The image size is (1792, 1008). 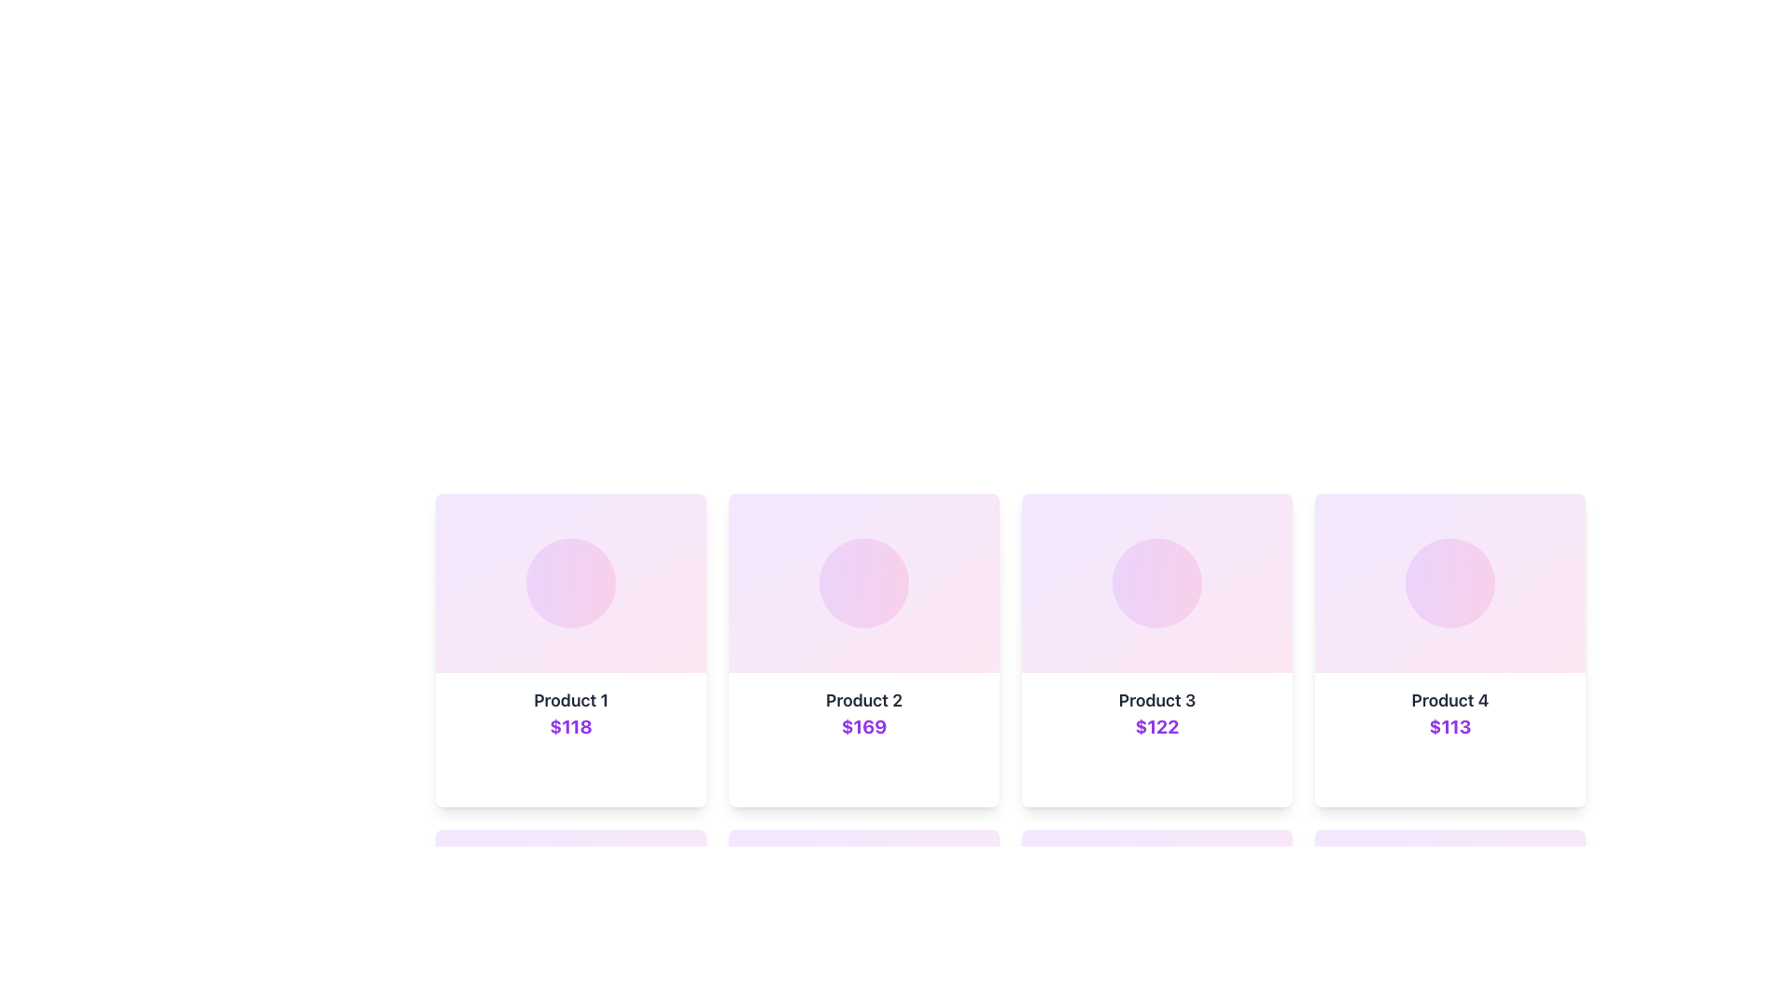 What do you see at coordinates (968, 774) in the screenshot?
I see `the small circular button with a gray background located at the bottom-right of the 'Product 2' panel` at bounding box center [968, 774].